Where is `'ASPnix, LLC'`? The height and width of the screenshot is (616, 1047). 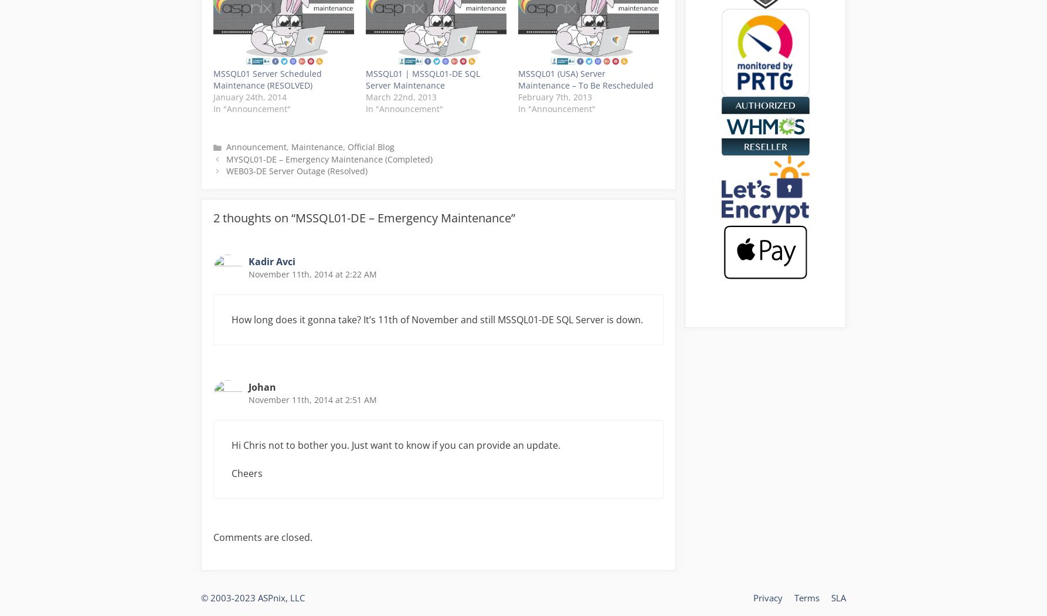 'ASPnix, LLC' is located at coordinates (281, 597).